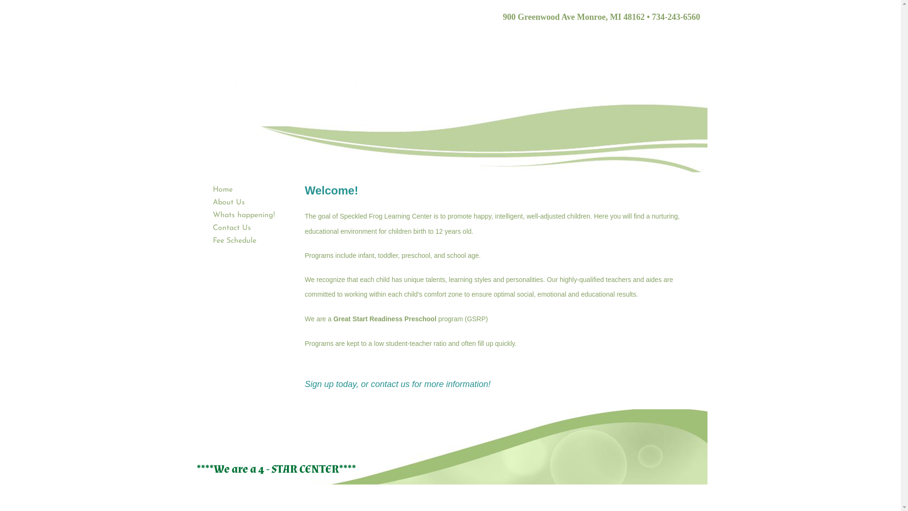  I want to click on 'Whats happening!', so click(208, 215).